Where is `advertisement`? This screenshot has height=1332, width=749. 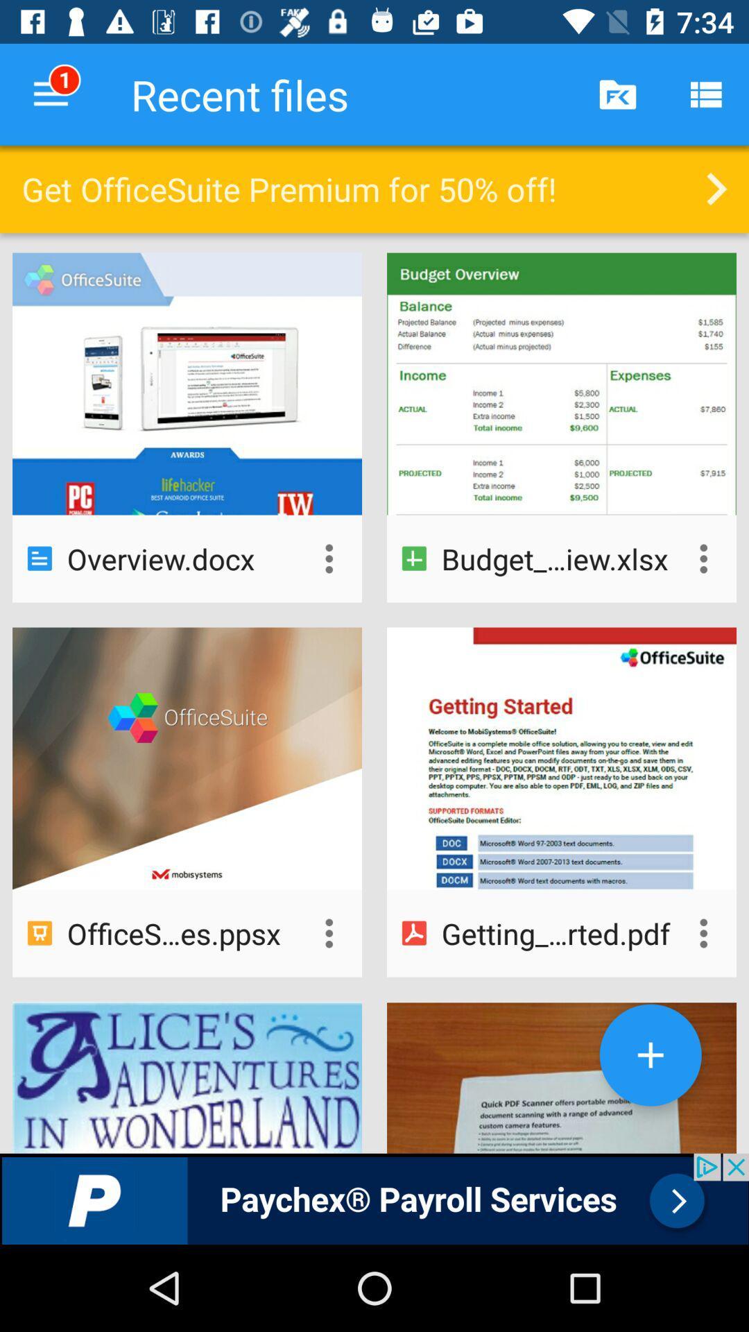 advertisement is located at coordinates (374, 1198).